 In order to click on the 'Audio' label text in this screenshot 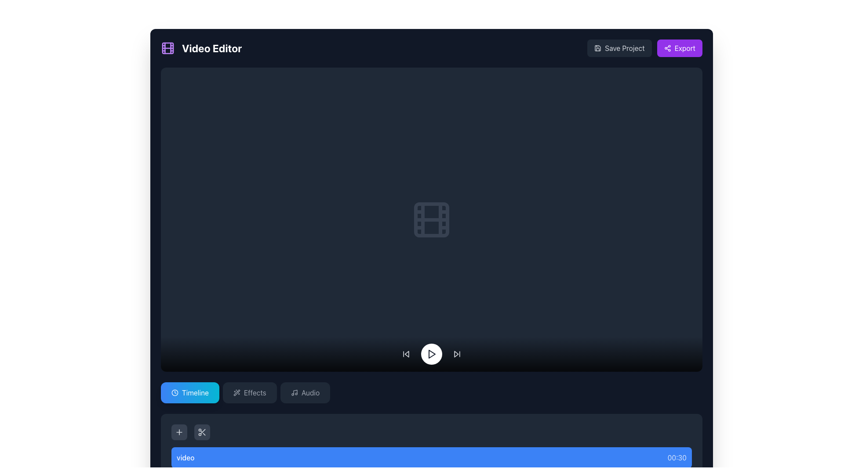, I will do `click(310, 392)`.